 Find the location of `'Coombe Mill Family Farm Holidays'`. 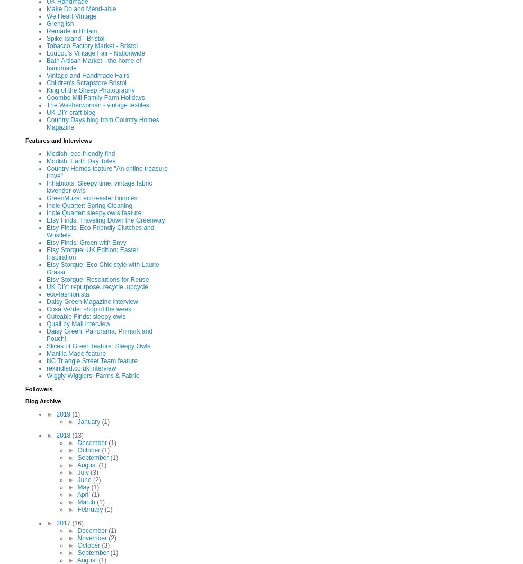

'Coombe Mill Family Farm Holidays' is located at coordinates (95, 98).